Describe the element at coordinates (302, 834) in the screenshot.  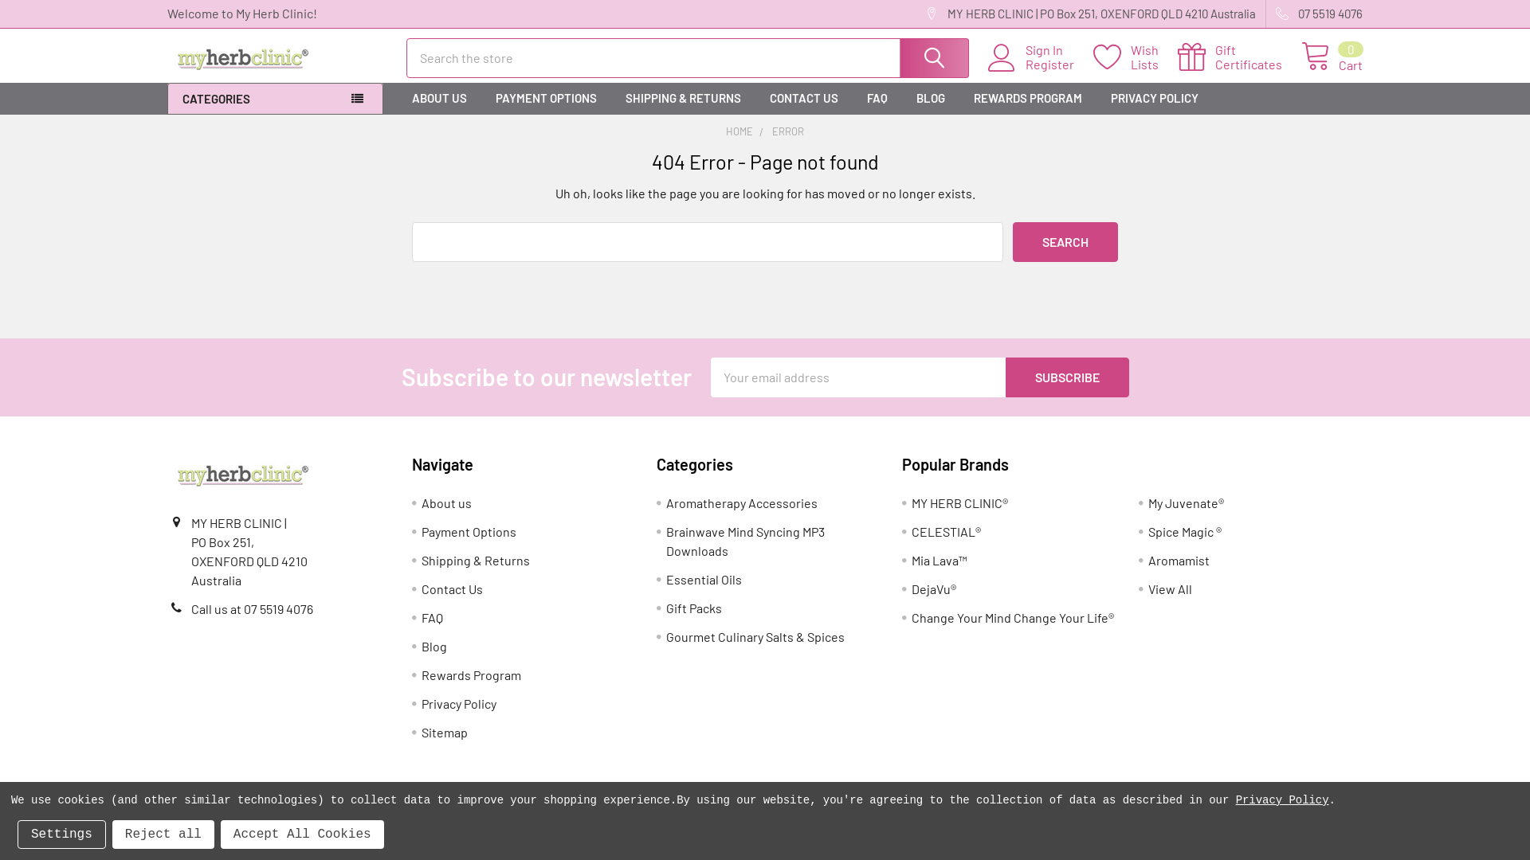
I see `'Accept All Cookies'` at that location.